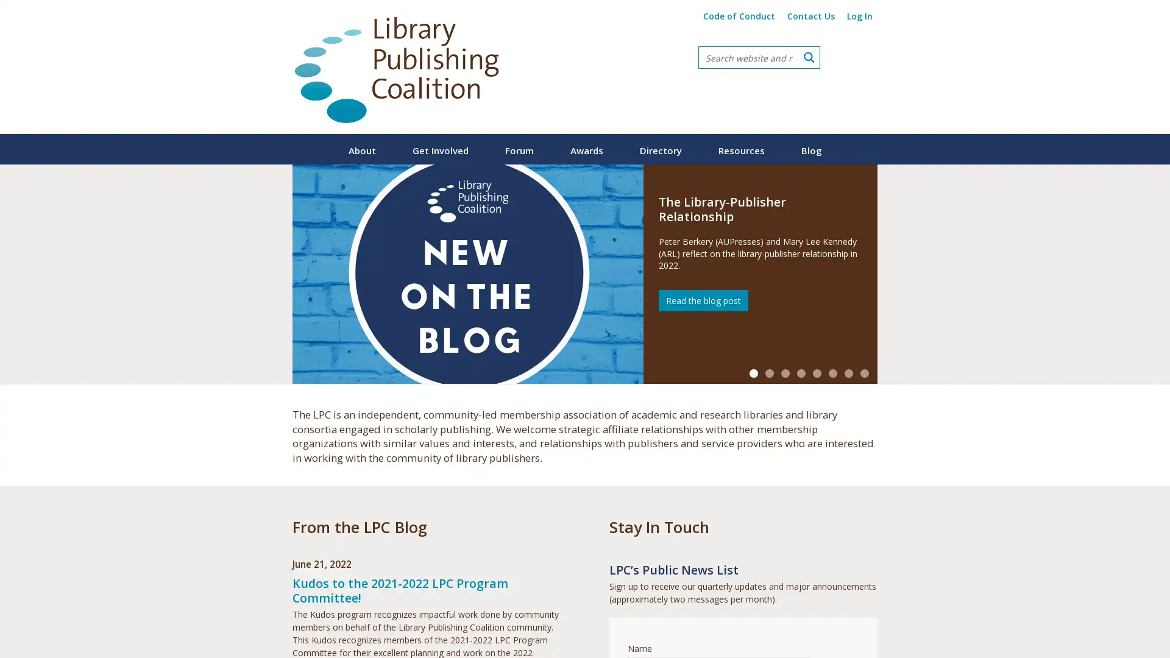 The height and width of the screenshot is (658, 1170). What do you see at coordinates (768, 373) in the screenshot?
I see `Go to slide 2` at bounding box center [768, 373].